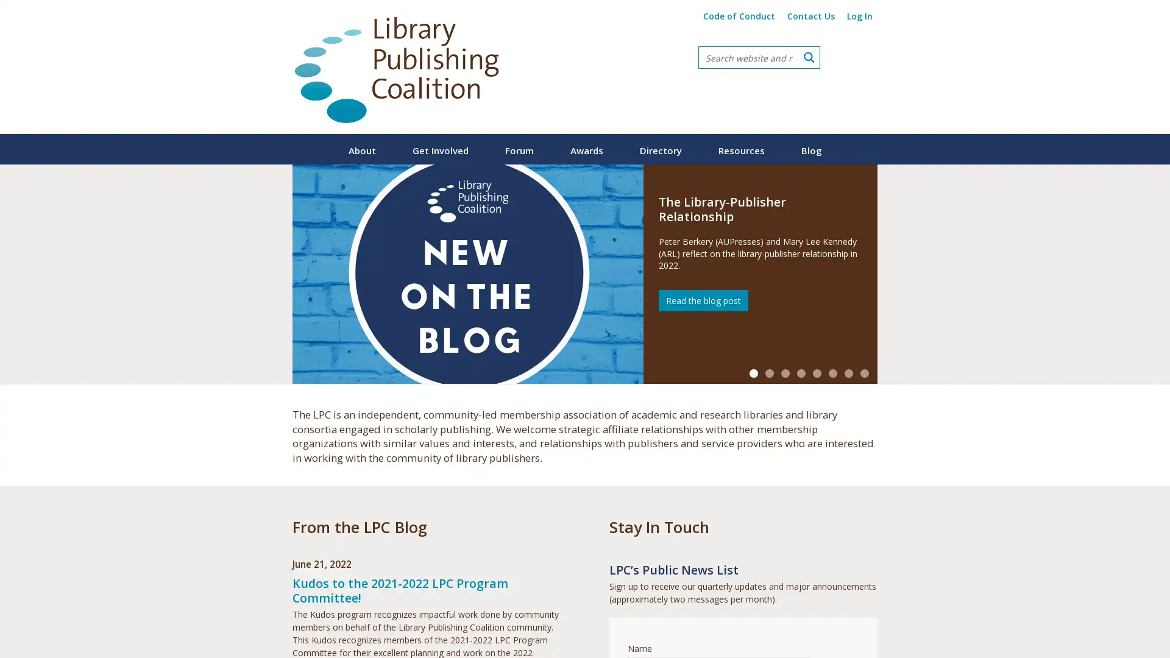 The height and width of the screenshot is (658, 1170). What do you see at coordinates (768, 373) in the screenshot?
I see `Go to slide 2` at bounding box center [768, 373].